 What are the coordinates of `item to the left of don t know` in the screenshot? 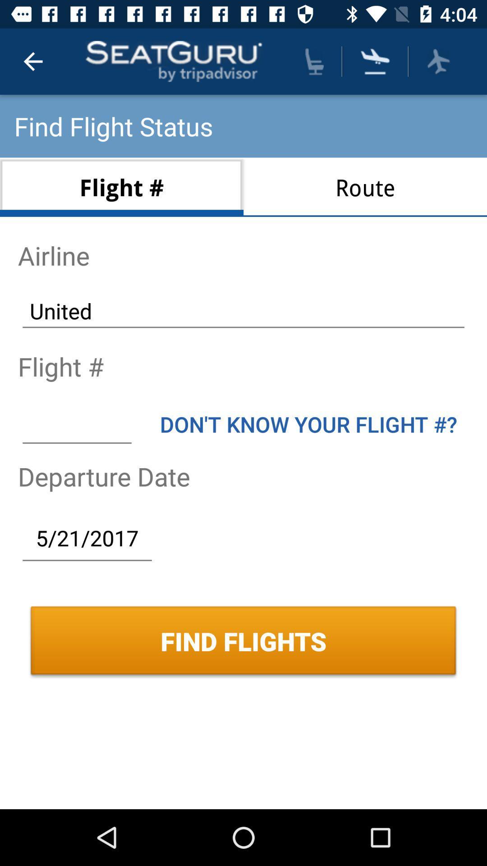 It's located at (76, 424).